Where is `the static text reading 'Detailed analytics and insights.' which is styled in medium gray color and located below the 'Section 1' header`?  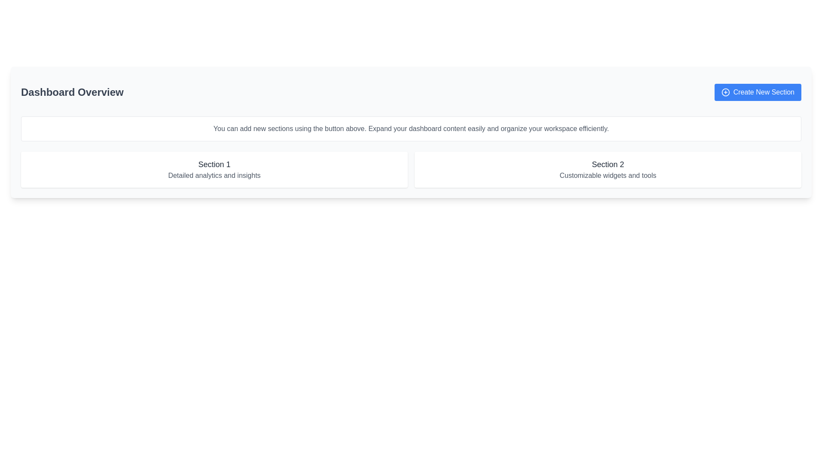
the static text reading 'Detailed analytics and insights.' which is styled in medium gray color and located below the 'Section 1' header is located at coordinates (214, 175).